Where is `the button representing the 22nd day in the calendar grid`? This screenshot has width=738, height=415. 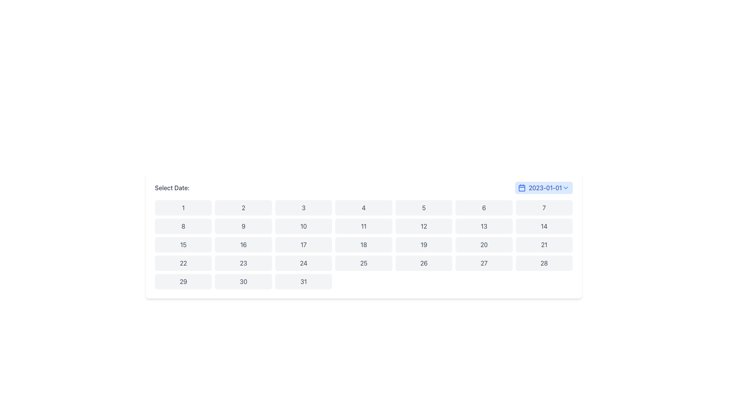 the button representing the 22nd day in the calendar grid is located at coordinates (183, 263).